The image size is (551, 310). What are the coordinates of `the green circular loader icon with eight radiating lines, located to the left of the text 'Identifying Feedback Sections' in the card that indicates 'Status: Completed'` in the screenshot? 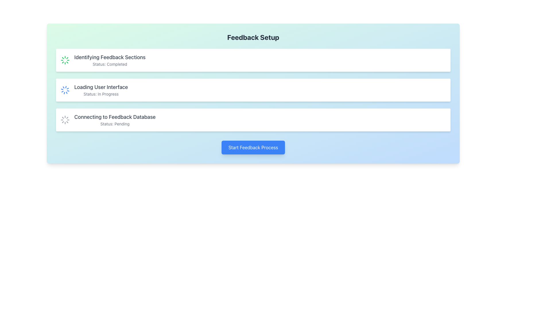 It's located at (65, 60).